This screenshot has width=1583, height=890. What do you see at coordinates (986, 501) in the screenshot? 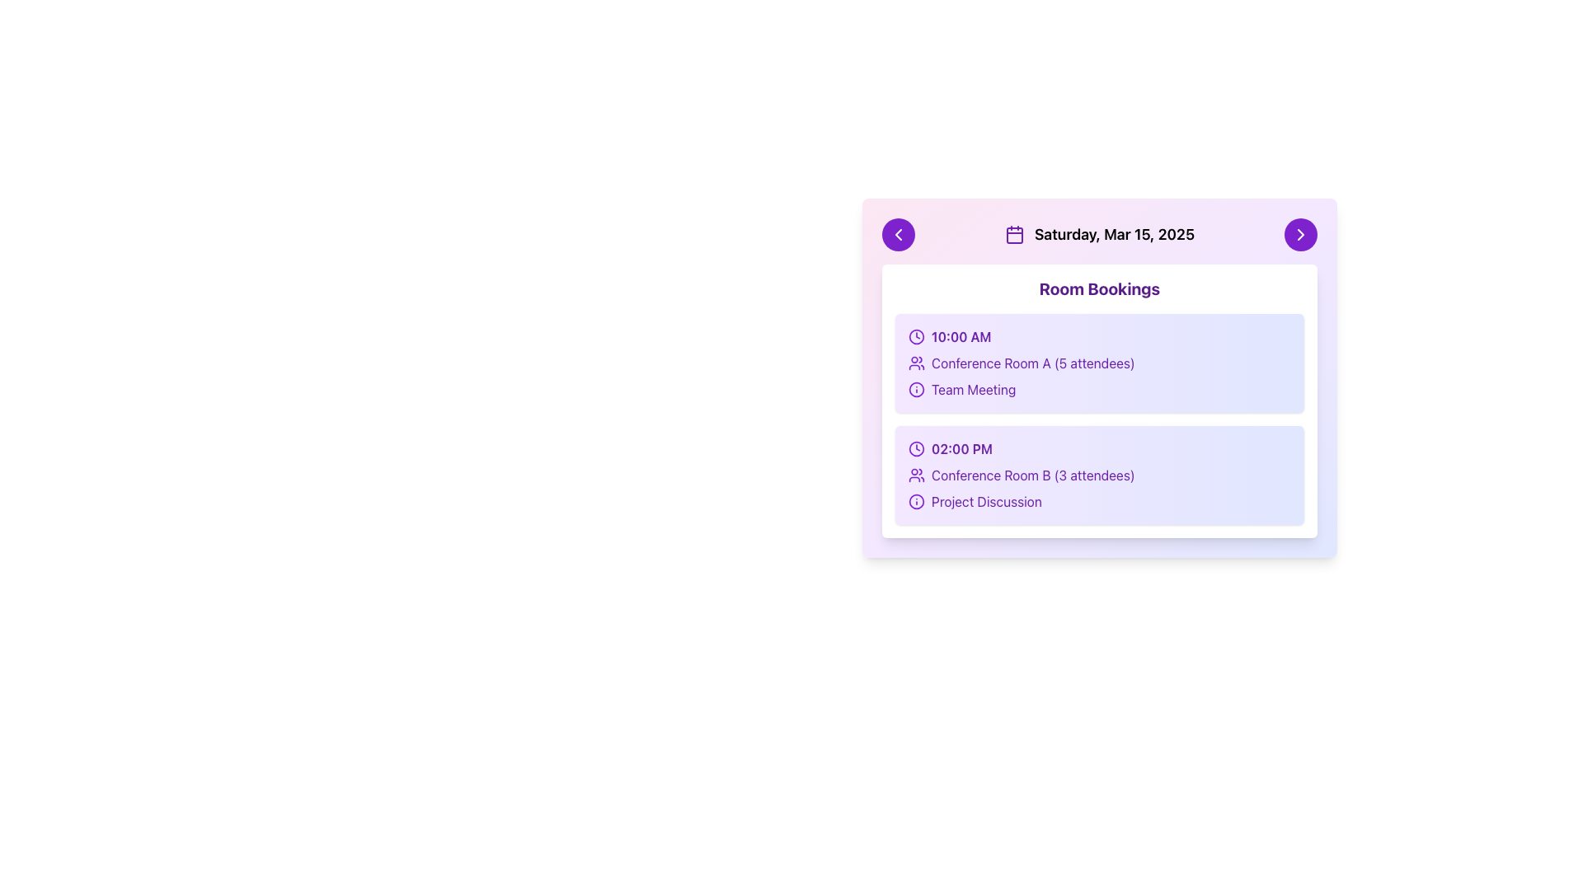
I see `the 'Project Discussion' text label, which is styled in a bold purple font and located within the second booking item of the 'Room Bookings' list under the details for the 02:00 PM reservation for 'Conference Room B (3 attendees)` at bounding box center [986, 501].